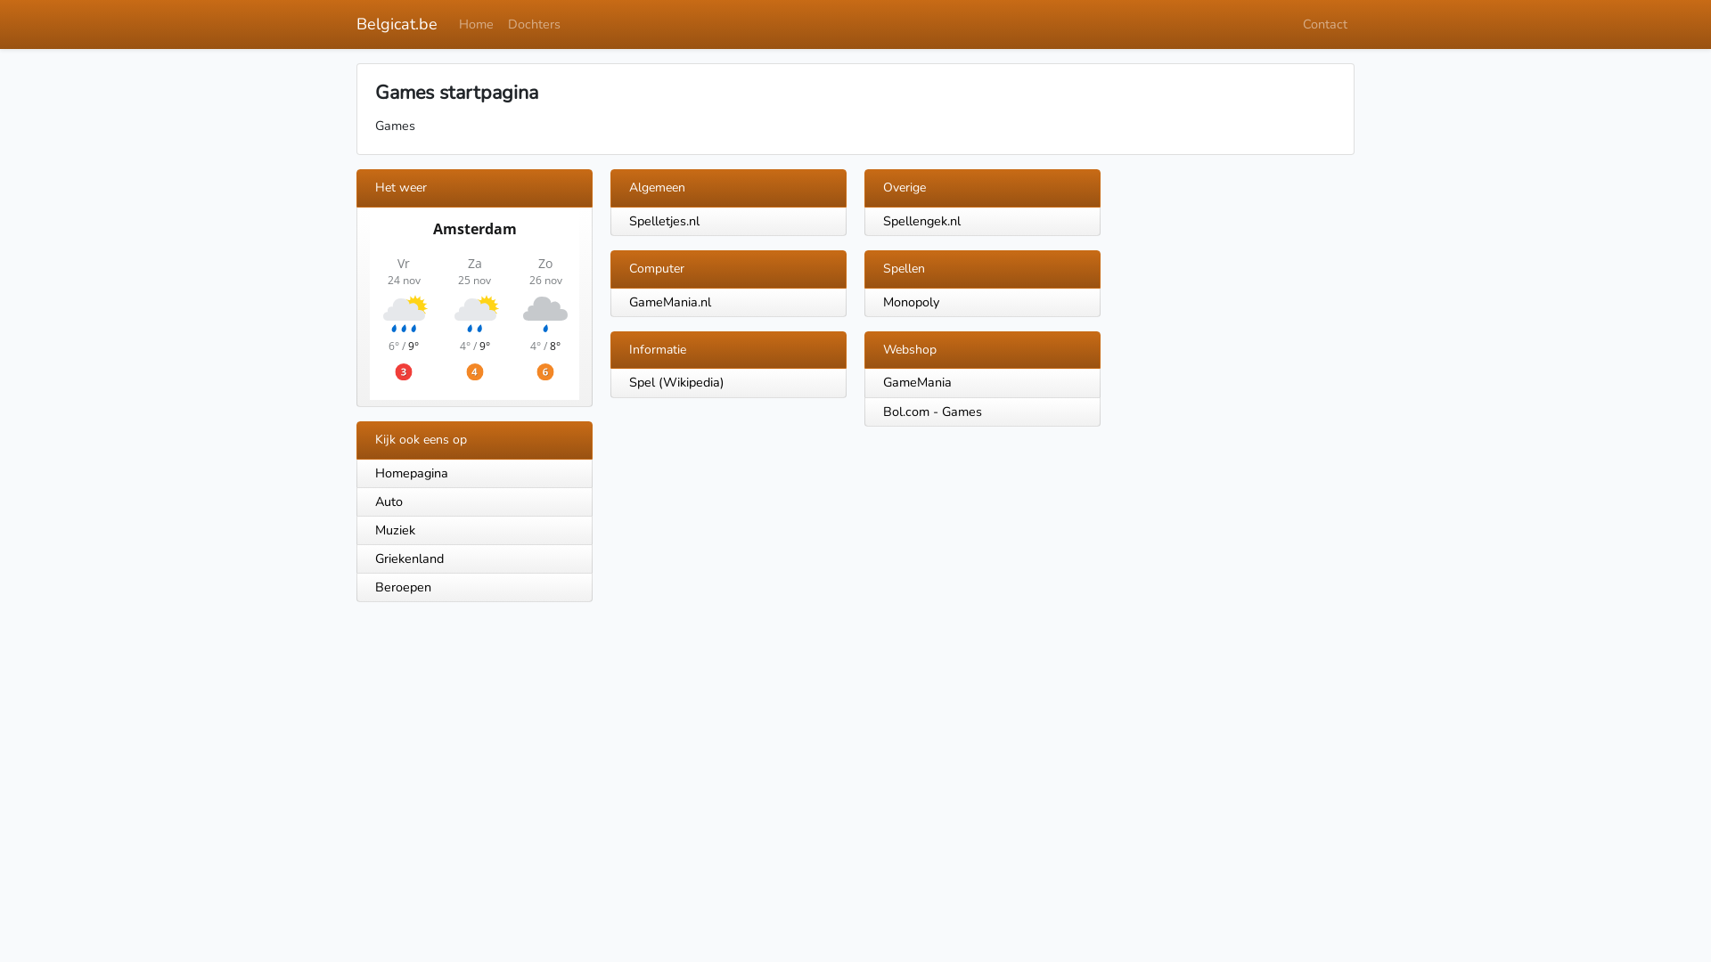 The width and height of the screenshot is (1711, 962). I want to click on 'GameMania', so click(917, 380).